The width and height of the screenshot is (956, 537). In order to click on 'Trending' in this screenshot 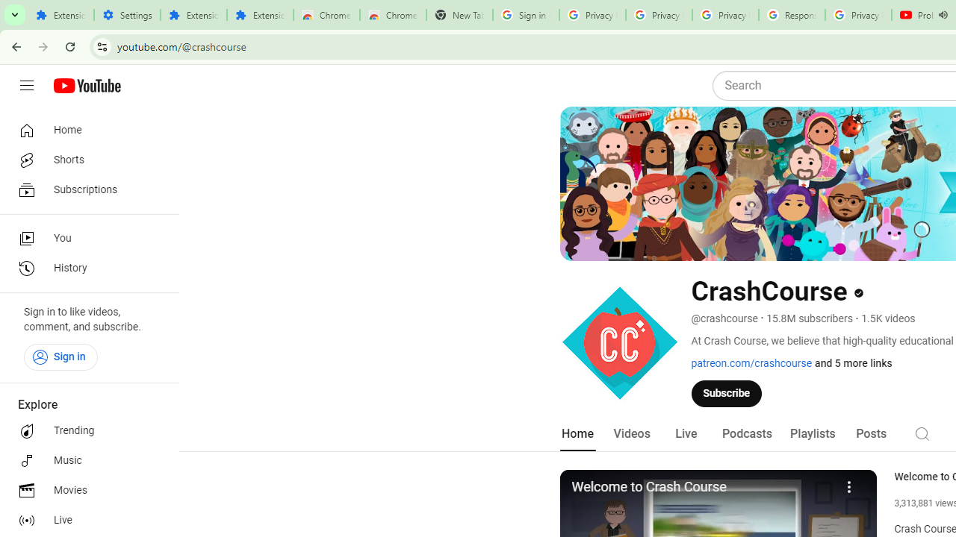, I will do `click(84, 431)`.